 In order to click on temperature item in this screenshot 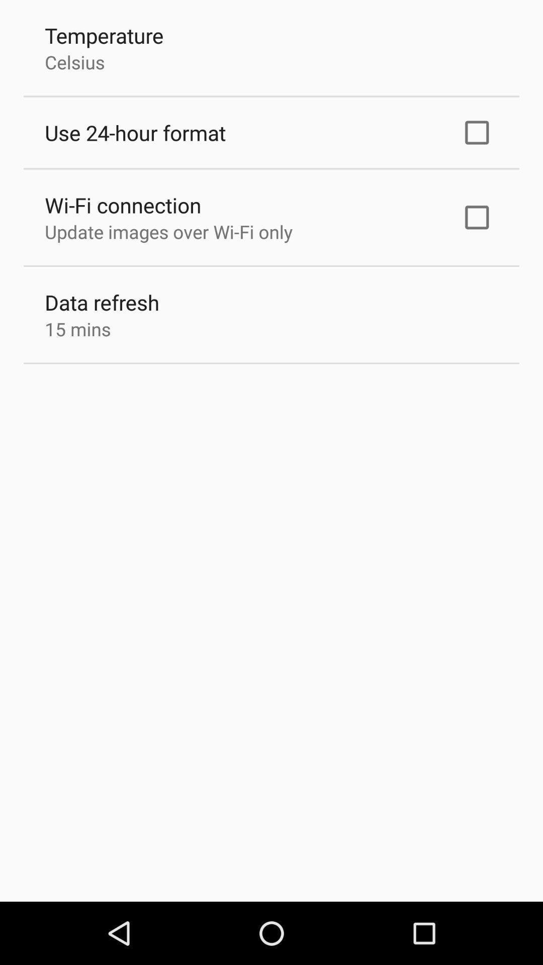, I will do `click(104, 35)`.